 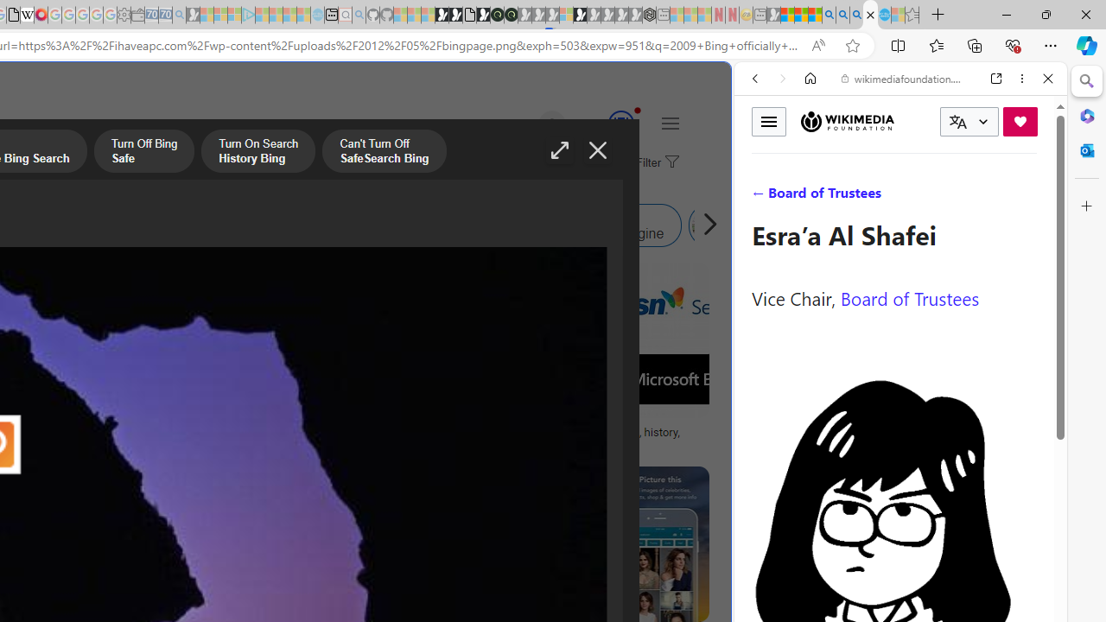 I want to click on 'Wikimedia Foundation', so click(x=847, y=121).